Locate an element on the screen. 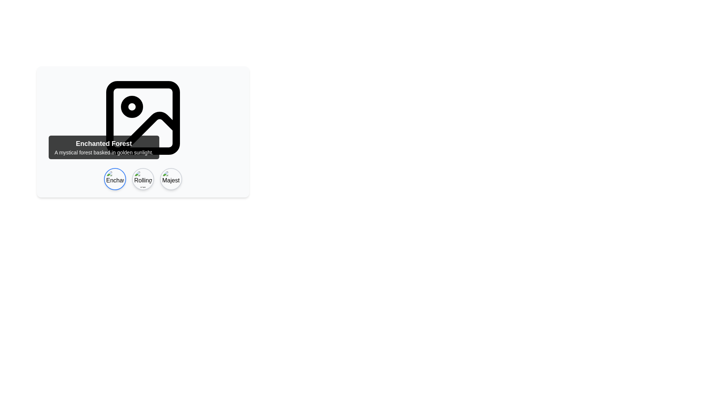  descriptive text located beneath the title 'Enchanted Forest' within a dark, semi-transparent rectangular background is located at coordinates (103, 152).